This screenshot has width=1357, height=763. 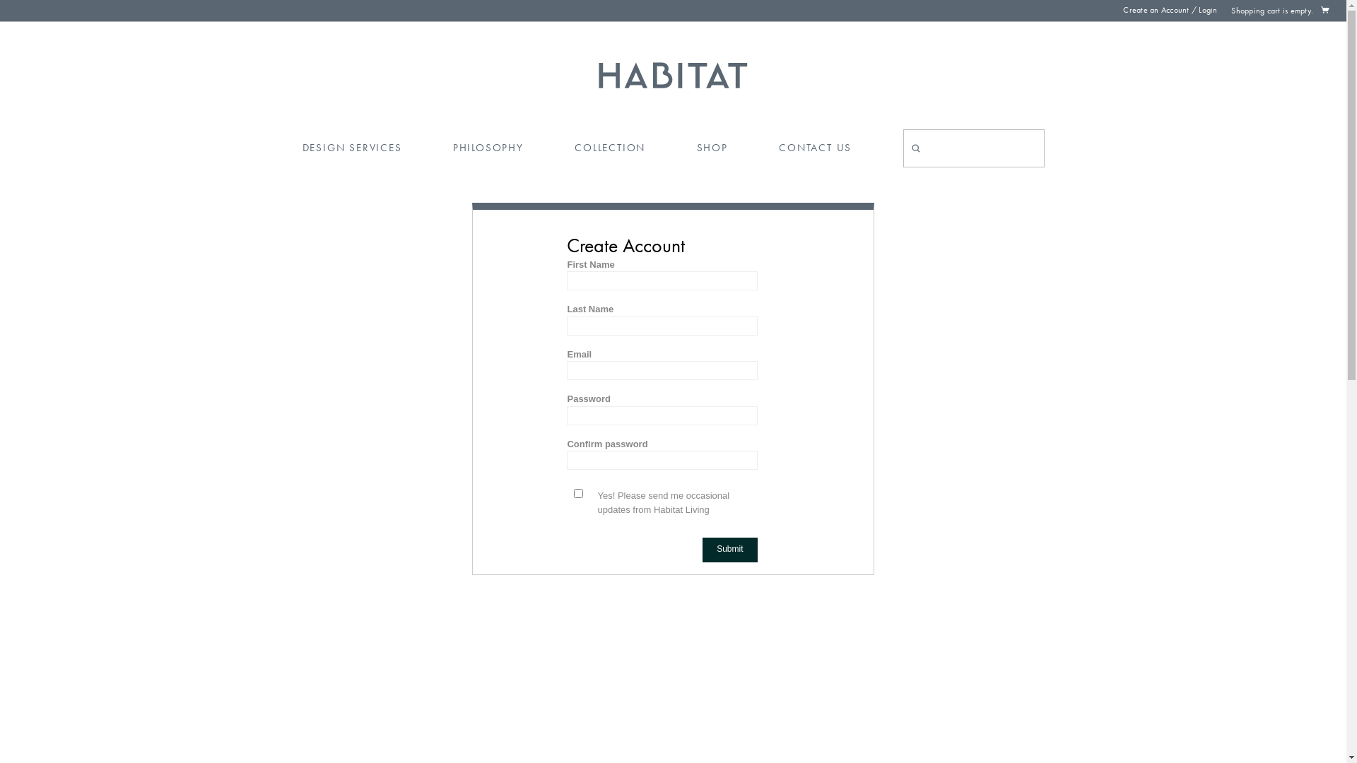 I want to click on 'SHOP', so click(x=696, y=148).